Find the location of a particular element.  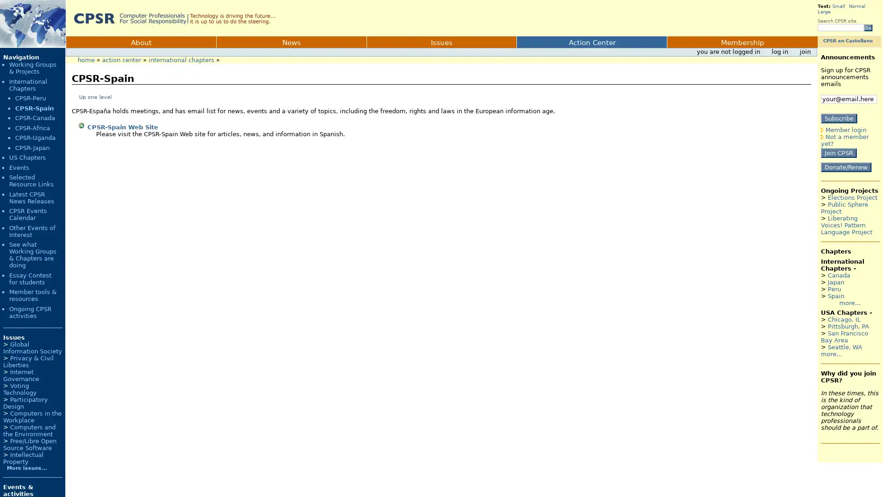

Subscribe is located at coordinates (838, 117).